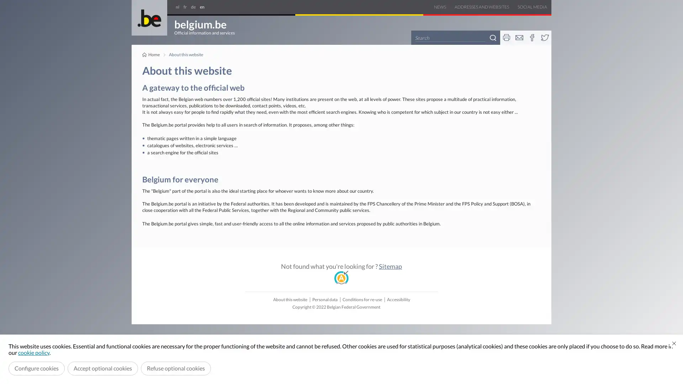 Image resolution: width=683 pixels, height=384 pixels. What do you see at coordinates (102, 368) in the screenshot?
I see `Accept optional cookies` at bounding box center [102, 368].